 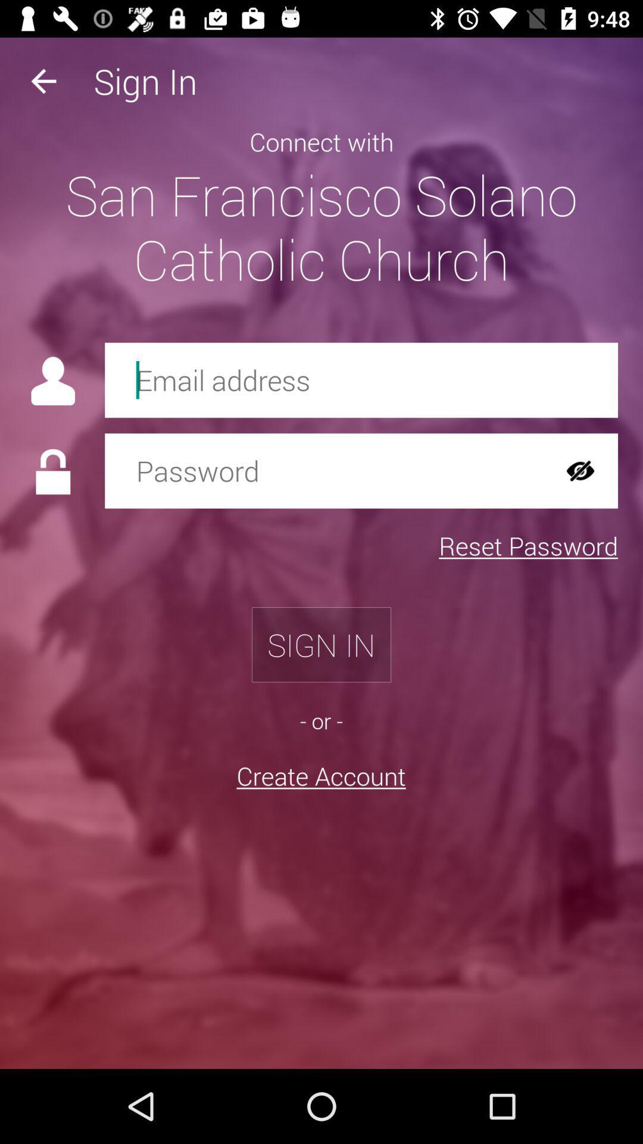 What do you see at coordinates (580, 470) in the screenshot?
I see `the visibility icon` at bounding box center [580, 470].